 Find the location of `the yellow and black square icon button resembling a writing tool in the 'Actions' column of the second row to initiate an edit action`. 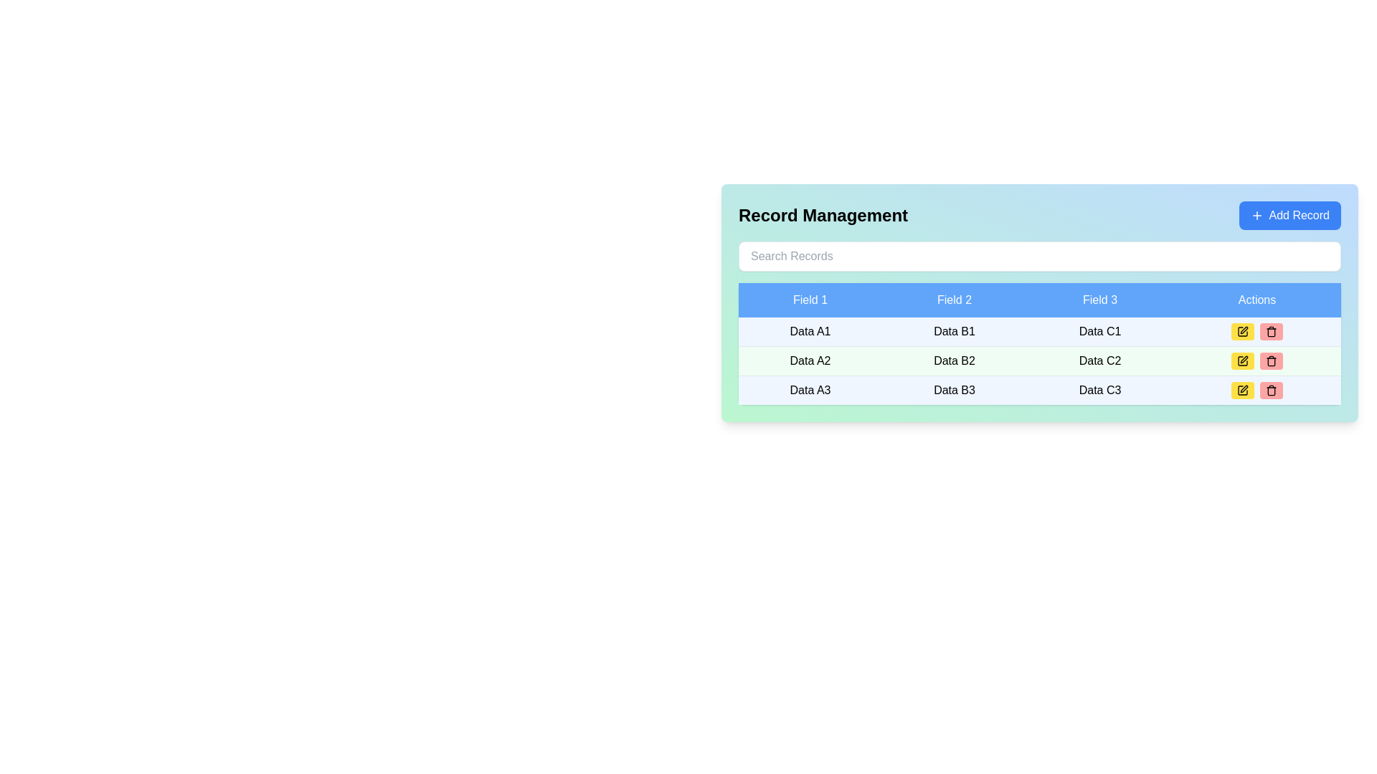

the yellow and black square icon button resembling a writing tool in the 'Actions' column of the second row to initiate an edit action is located at coordinates (1241, 360).